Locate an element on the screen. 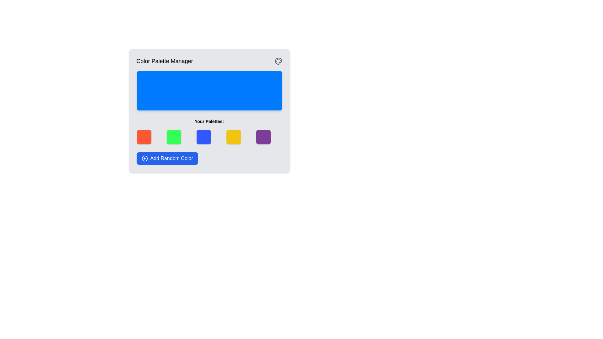 Image resolution: width=603 pixels, height=339 pixels. the circular blue icon with a plus sign centered inside it, located on the left side of the 'Add Random Color' button at the bottom of the vertical layout to initiate the add action is located at coordinates (144, 158).